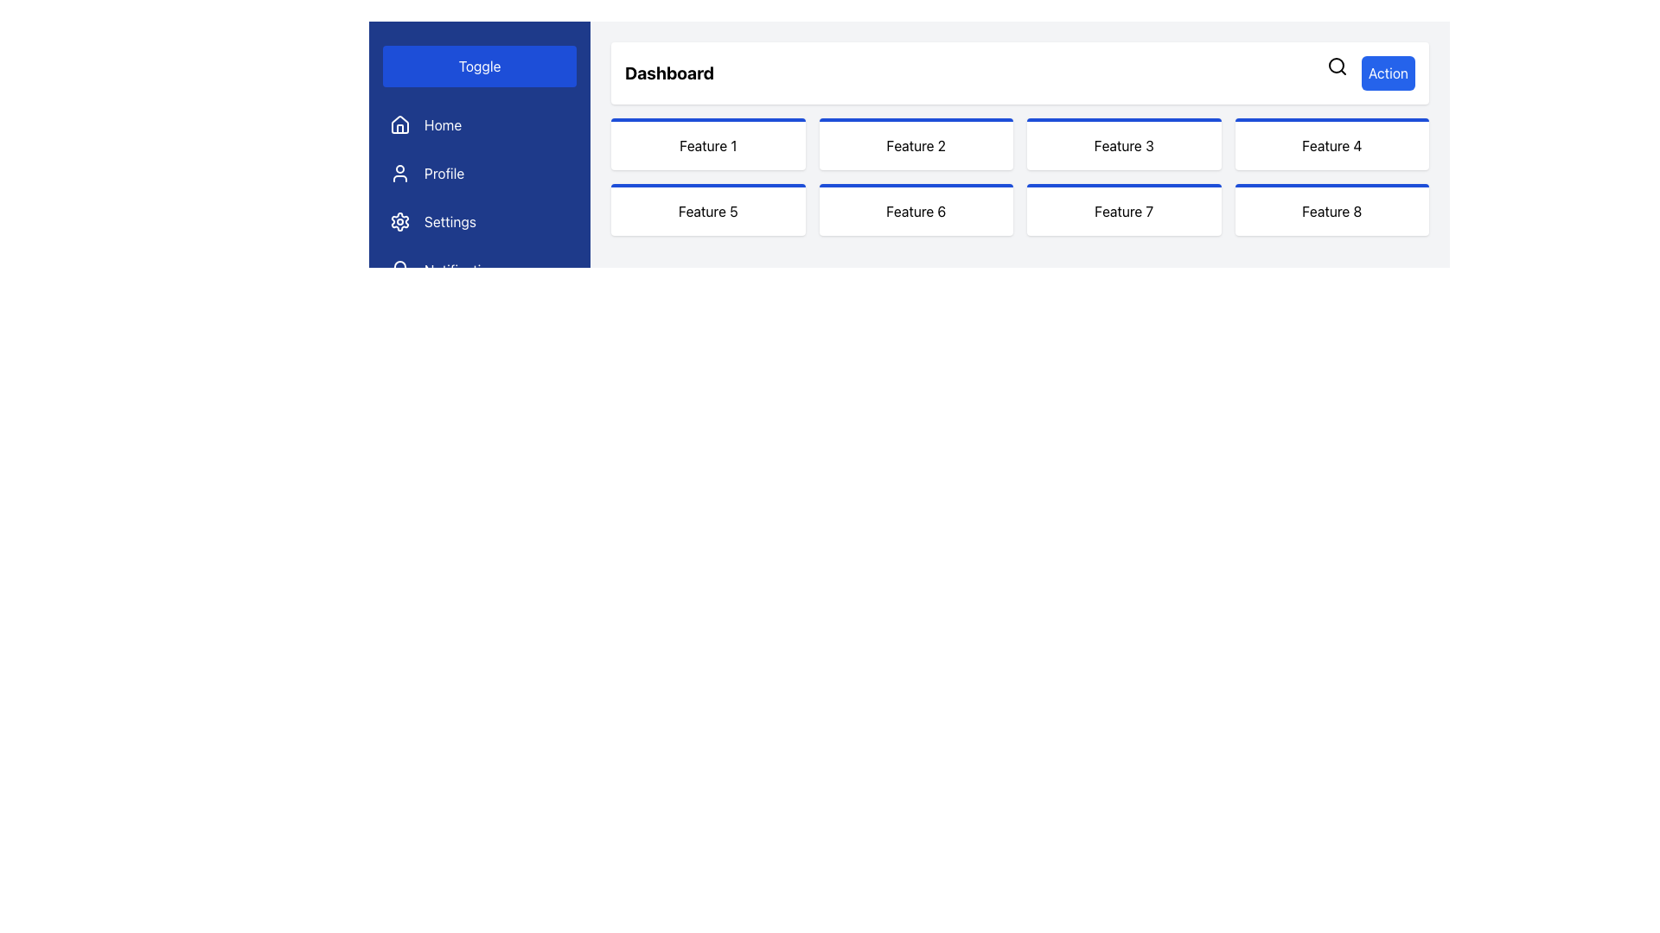 This screenshot has height=933, width=1660. What do you see at coordinates (399, 221) in the screenshot?
I see `the 'Settings' icon in the sidebar navigation menu, which is the third option below 'Home' and 'Profile', aligned to the left beside the text 'Settings'` at bounding box center [399, 221].